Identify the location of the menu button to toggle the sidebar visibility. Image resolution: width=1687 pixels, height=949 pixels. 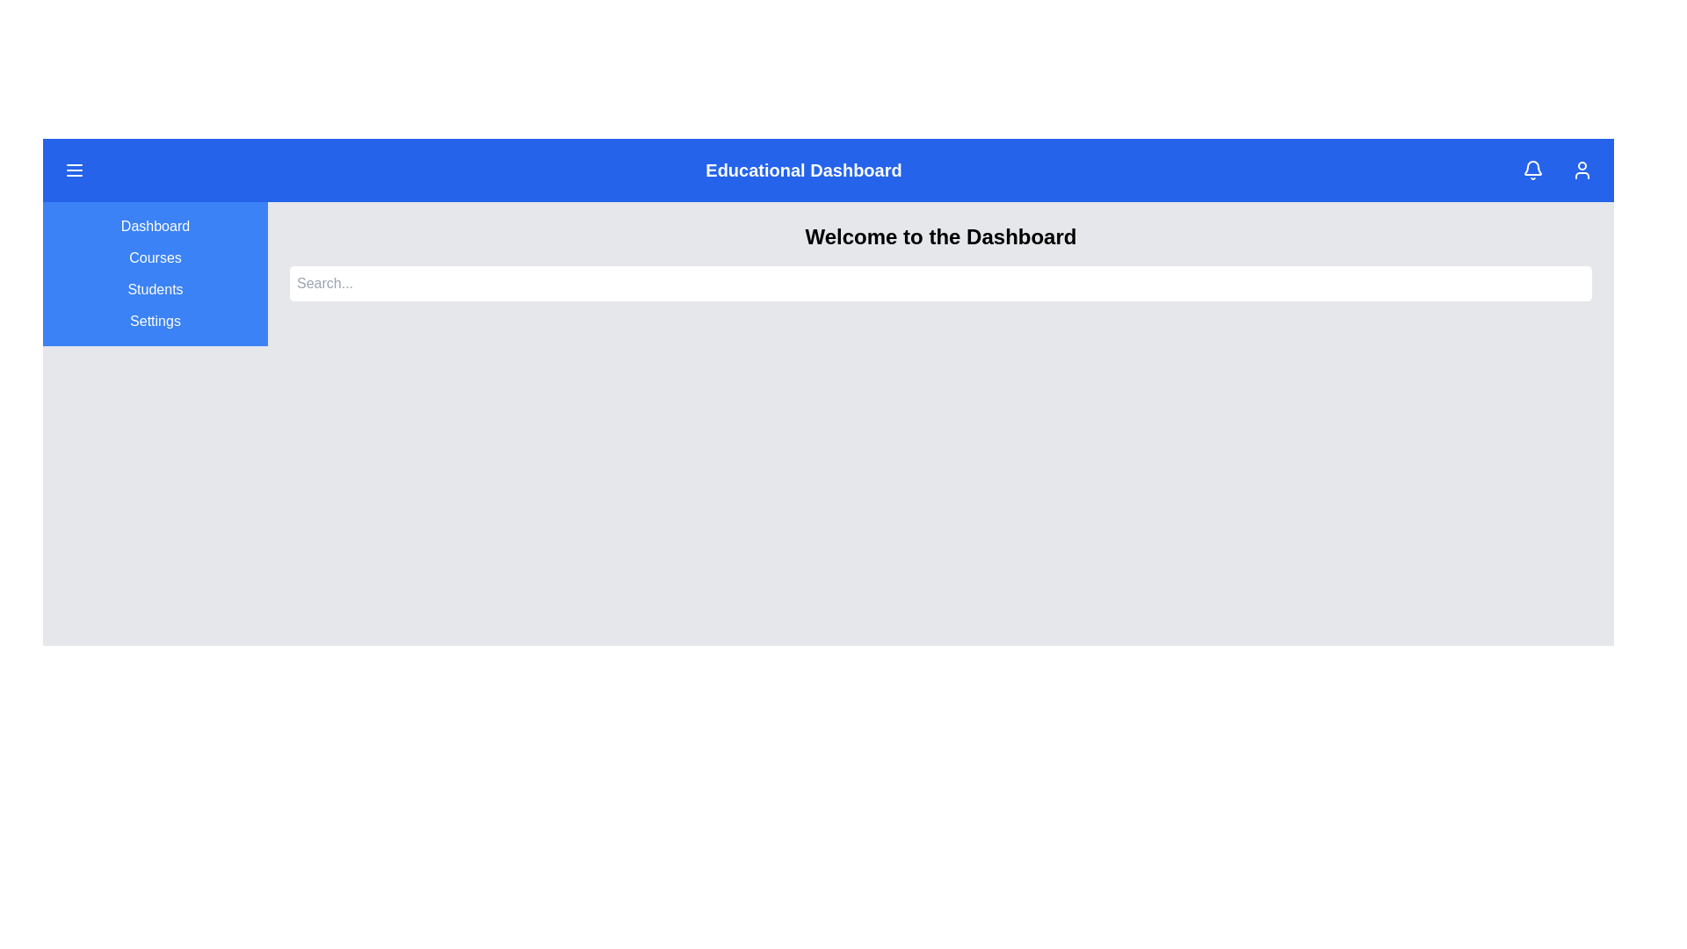
(74, 170).